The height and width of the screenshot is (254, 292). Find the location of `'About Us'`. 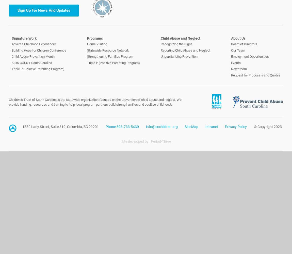

'About Us' is located at coordinates (238, 38).